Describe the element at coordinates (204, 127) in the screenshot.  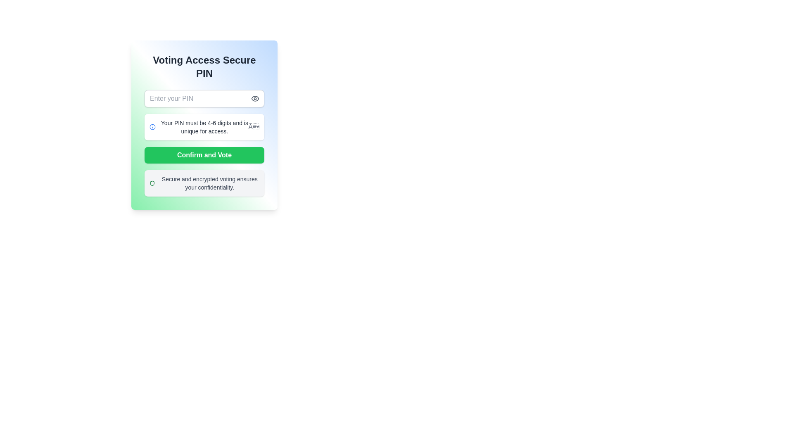
I see `the text label displaying 'Your PIN must be 4-6 digits and is unique for access.'` at that location.